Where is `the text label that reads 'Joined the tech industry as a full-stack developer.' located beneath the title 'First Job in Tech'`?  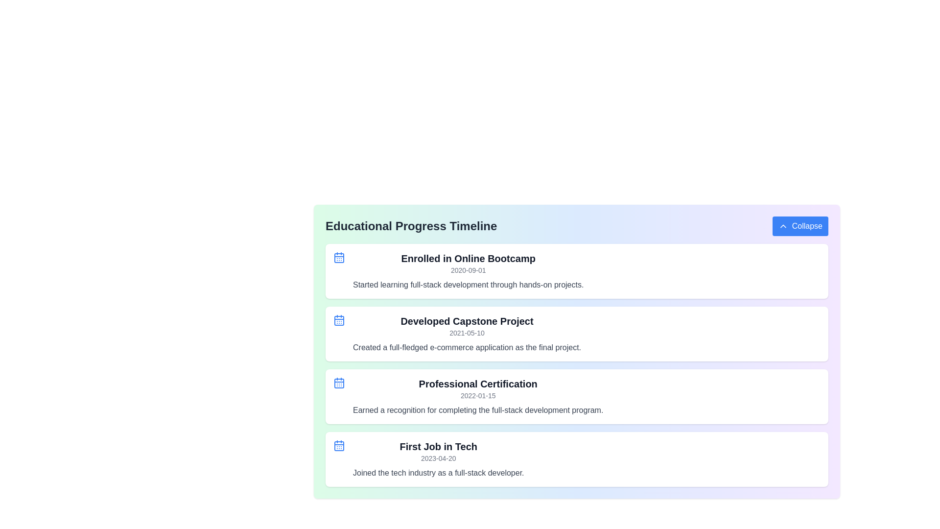
the text label that reads 'Joined the tech industry as a full-stack developer.' located beneath the title 'First Job in Tech' is located at coordinates (438, 472).